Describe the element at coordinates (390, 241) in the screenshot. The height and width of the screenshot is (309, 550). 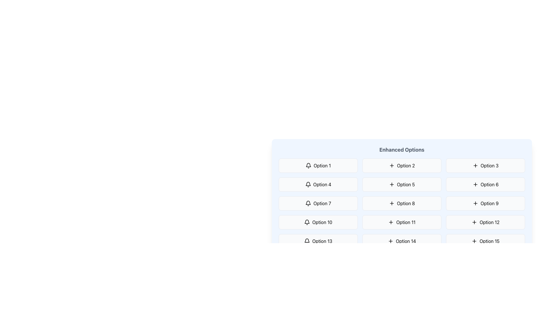
I see `the add icon button located within the 'Option 14' button, which features a thin gray plus sign with rounded ends, positioned near the center of the button` at that location.